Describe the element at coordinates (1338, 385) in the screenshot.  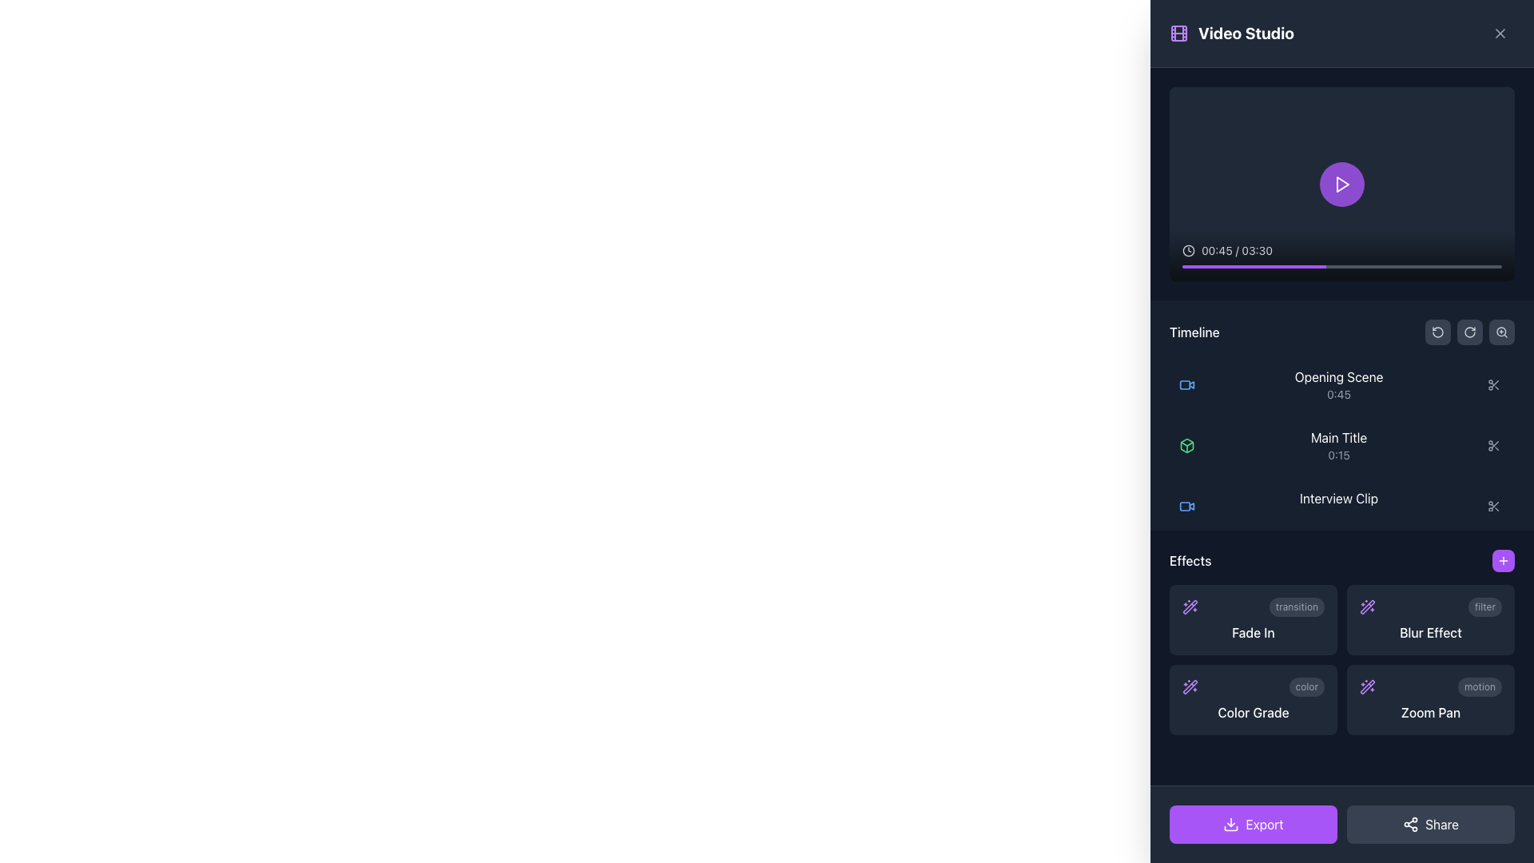
I see `to select the first timeline entry labeled 'Opening Scene' in the dark themed interface` at that location.